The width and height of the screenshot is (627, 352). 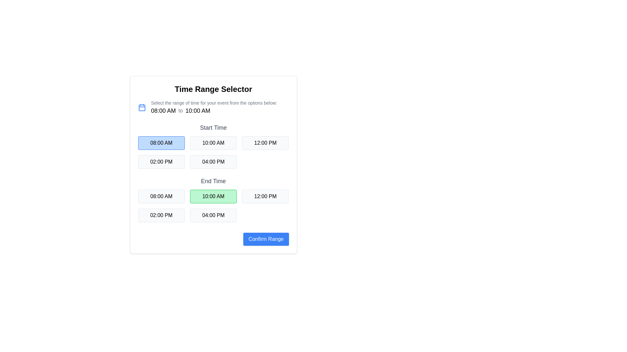 What do you see at coordinates (265, 143) in the screenshot?
I see `the selectable time option button located in the first row of a grid, specifically the third option` at bounding box center [265, 143].